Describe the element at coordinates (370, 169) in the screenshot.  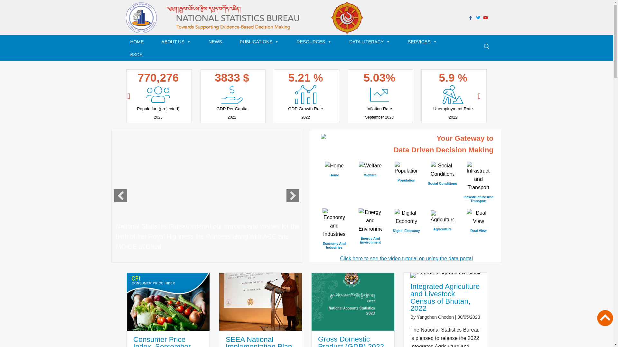
I see `'Welfare'` at that location.